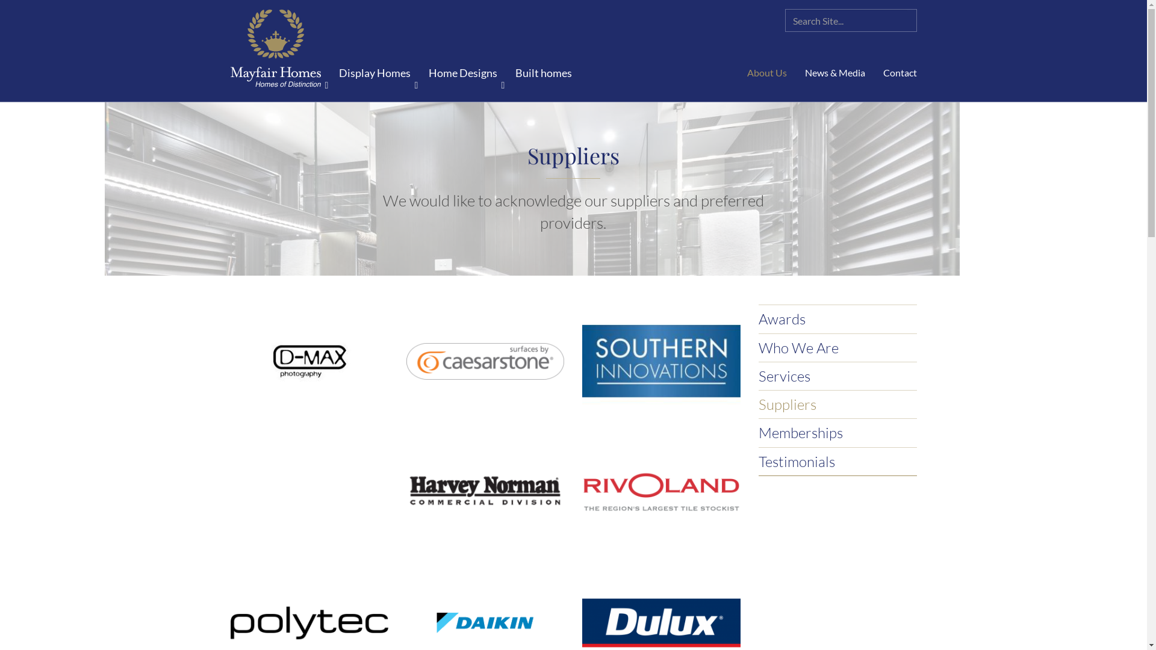 The width and height of the screenshot is (1156, 650). What do you see at coordinates (374, 72) in the screenshot?
I see `'Display Homes'` at bounding box center [374, 72].